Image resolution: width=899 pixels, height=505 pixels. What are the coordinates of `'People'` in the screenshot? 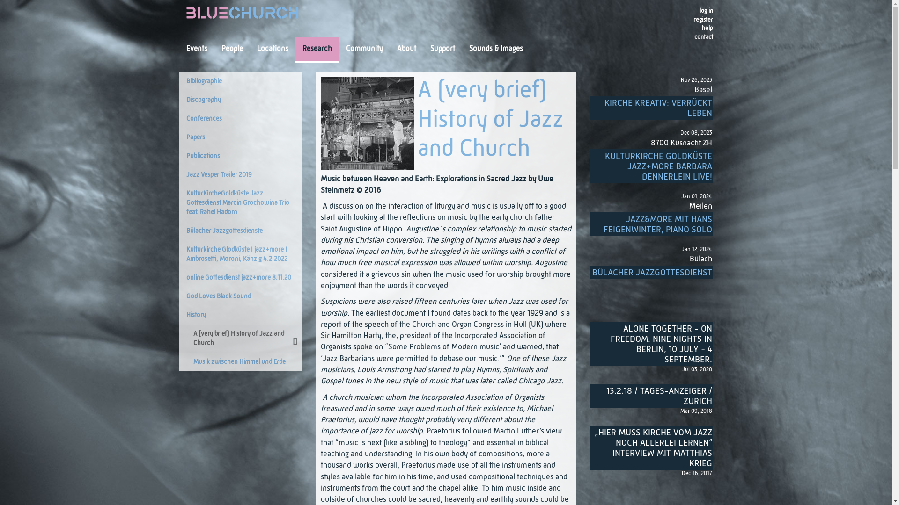 It's located at (232, 49).